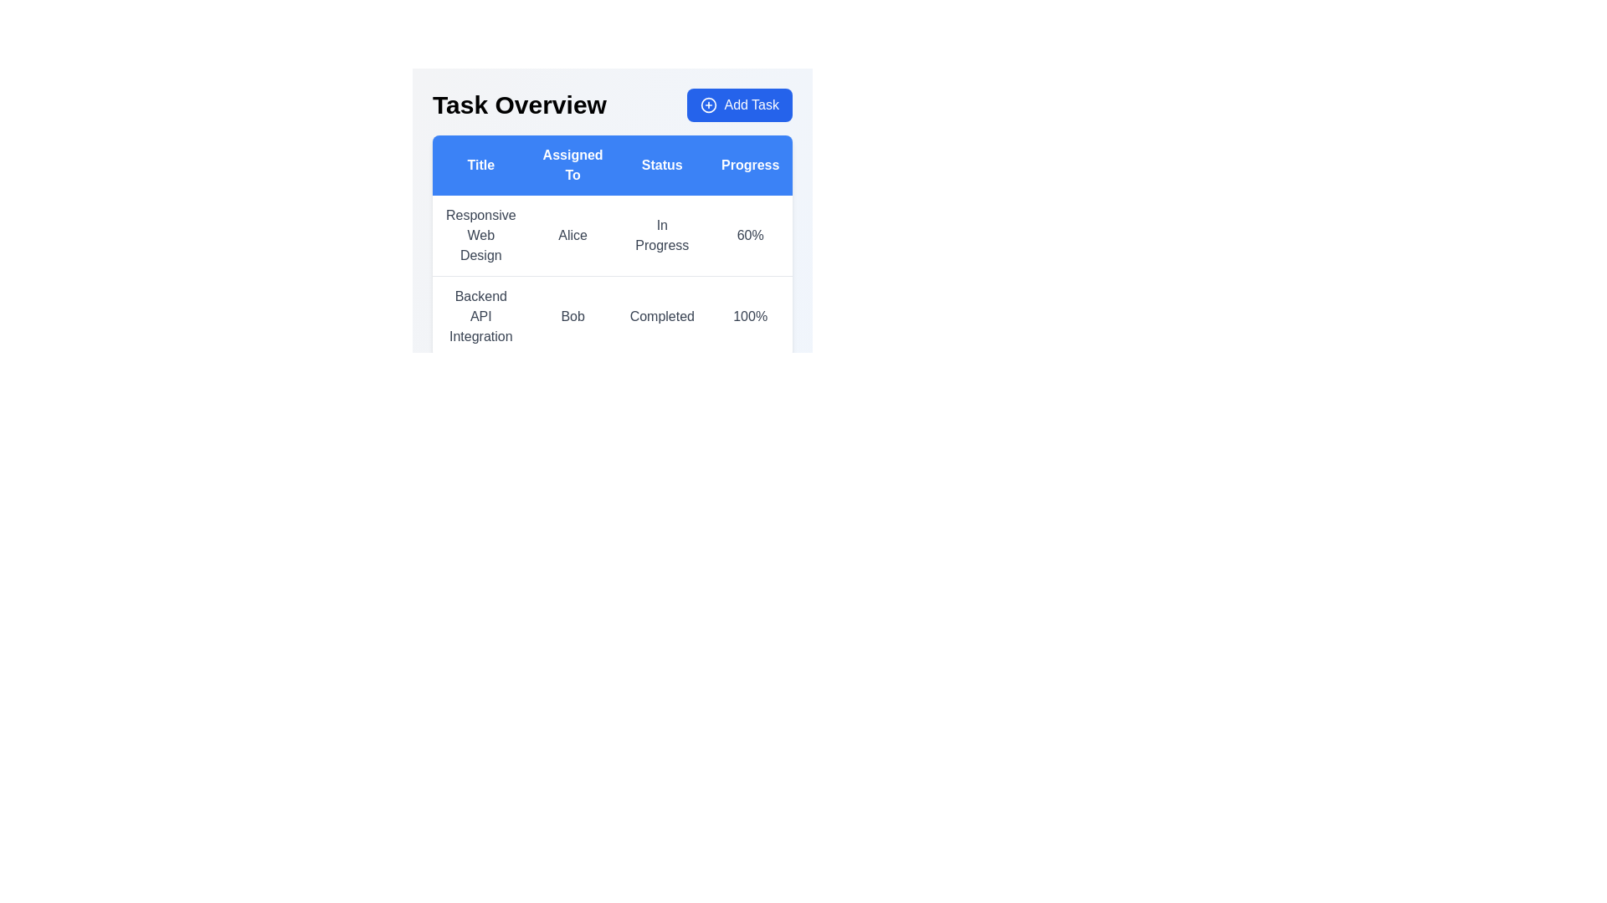 This screenshot has width=1607, height=903. Describe the element at coordinates (480, 165) in the screenshot. I see `title text from the blue button-like Table Header Cell that contains the text 'Title' and is located at the top-left of the table header row` at that location.